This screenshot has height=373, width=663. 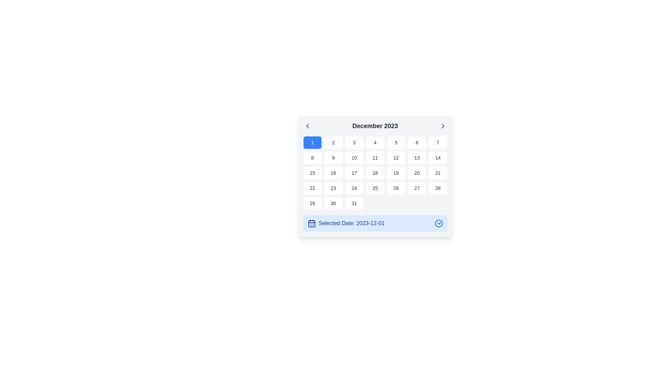 I want to click on the day 18 button in the calendar view, so click(x=375, y=173).